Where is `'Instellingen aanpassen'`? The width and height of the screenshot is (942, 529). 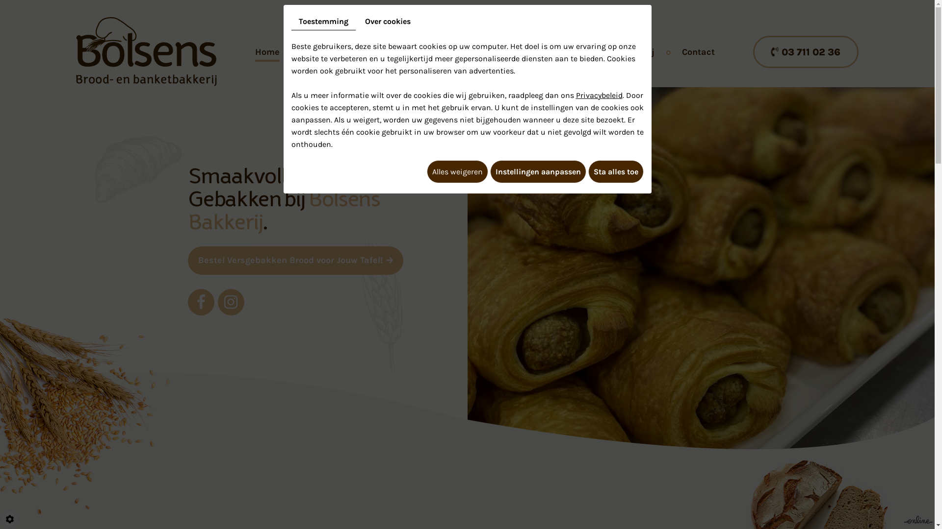 'Instellingen aanpassen' is located at coordinates (537, 171).